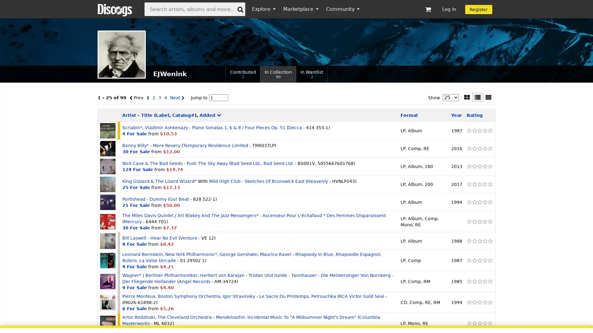 The image size is (593, 333). Describe the element at coordinates (474, 282) in the screenshot. I see `Rate this release 2 stars.` at that location.